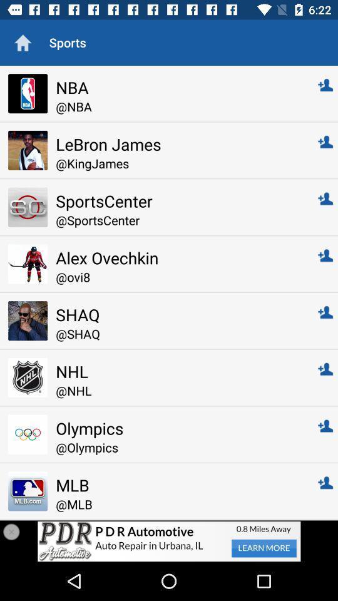  Describe the element at coordinates (169, 540) in the screenshot. I see `the advertisement 's website` at that location.